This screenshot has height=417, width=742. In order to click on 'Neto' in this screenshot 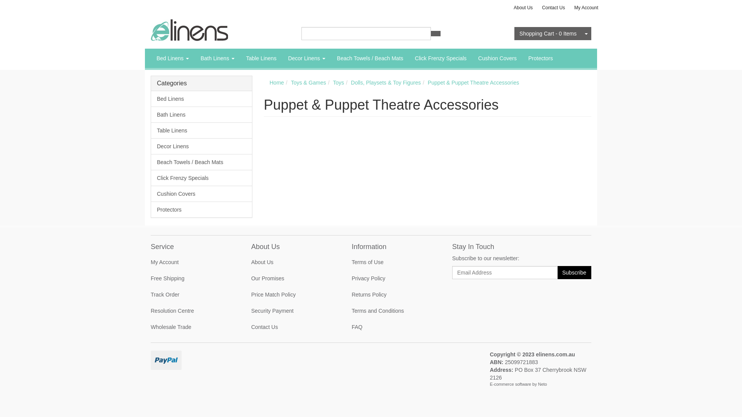, I will do `click(538, 384)`.